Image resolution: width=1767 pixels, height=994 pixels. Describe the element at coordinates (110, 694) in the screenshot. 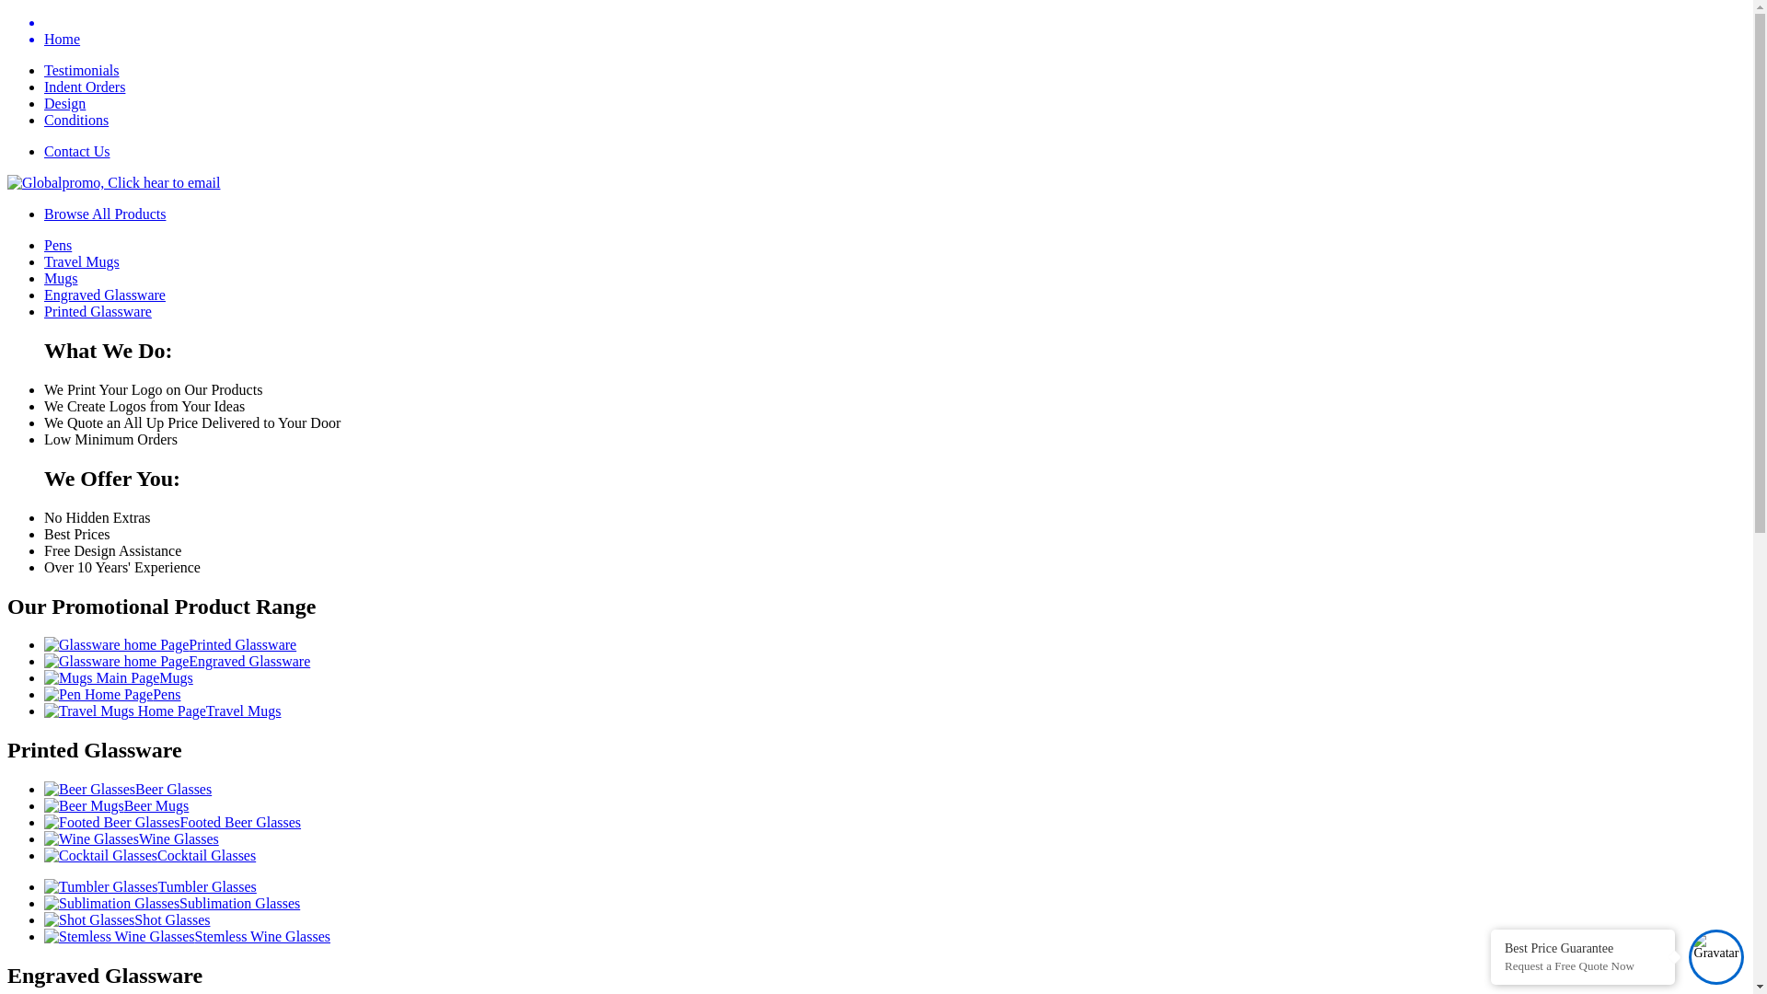

I see `'Pens'` at that location.